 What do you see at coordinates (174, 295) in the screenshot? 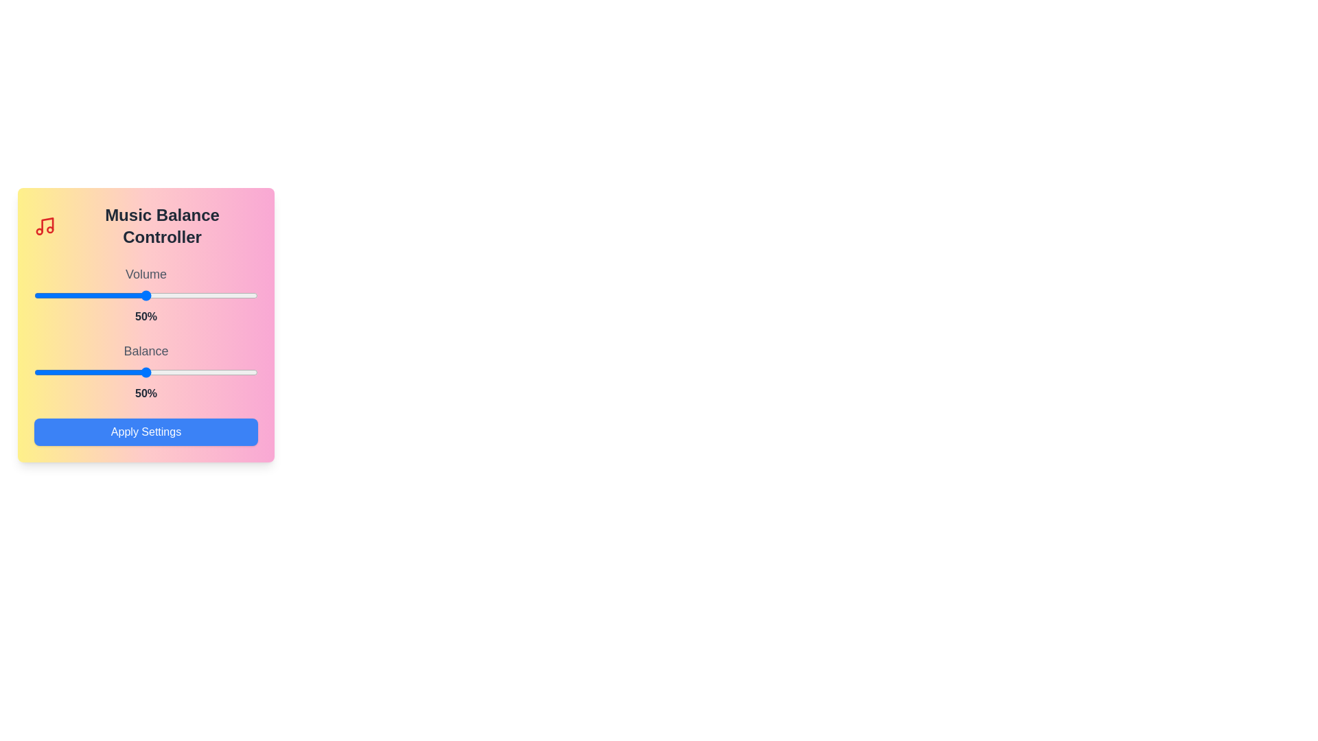
I see `the volume slider to set the volume to 63%` at bounding box center [174, 295].